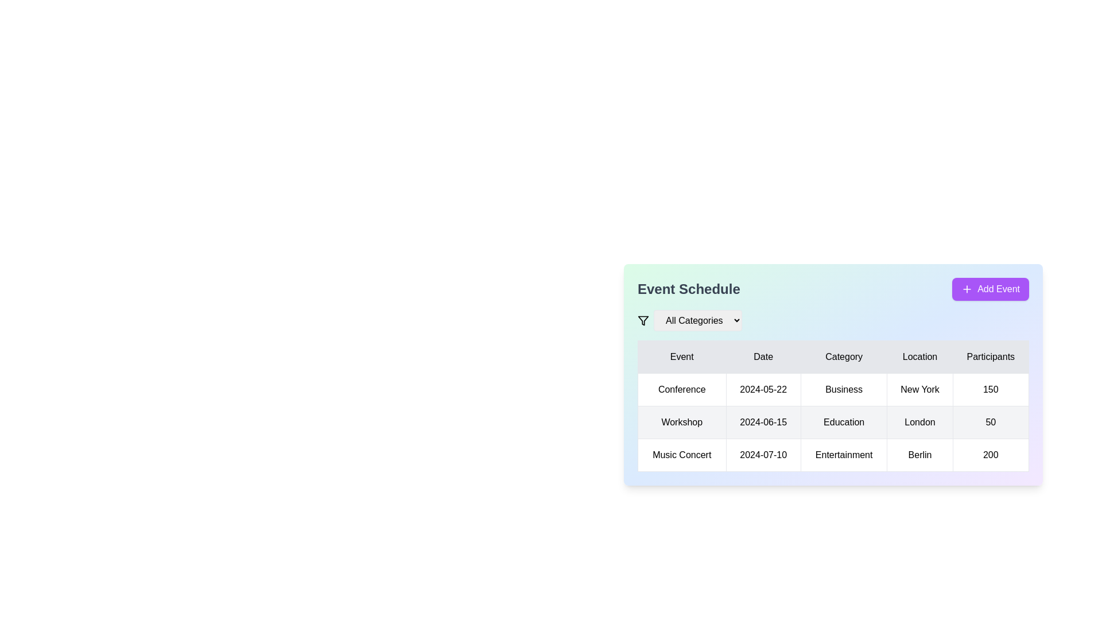 The height and width of the screenshot is (620, 1102). Describe the element at coordinates (844, 389) in the screenshot. I see `the static text label displaying 'Business', which is a rectangular area with a border, centered in alignment, and located in the first row of the 'Category' column within a table structure` at that location.